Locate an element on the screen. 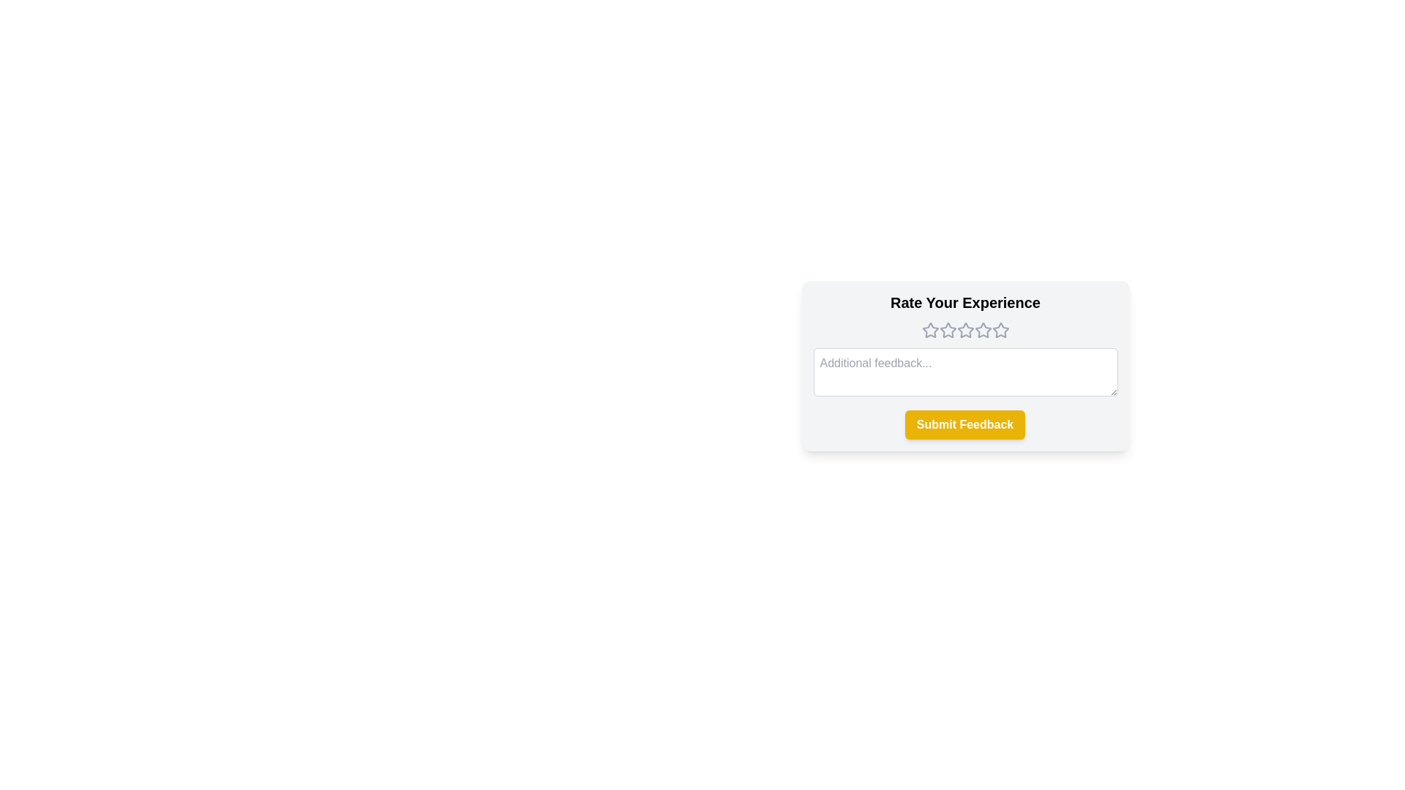 This screenshot has width=1405, height=790. the star icon, which is the third star in a row used for rating functionalities is located at coordinates (948, 330).